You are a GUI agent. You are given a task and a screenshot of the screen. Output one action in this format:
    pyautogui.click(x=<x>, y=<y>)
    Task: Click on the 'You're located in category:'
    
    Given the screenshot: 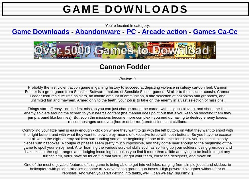 What is the action you would take?
    pyautogui.click(x=127, y=25)
    